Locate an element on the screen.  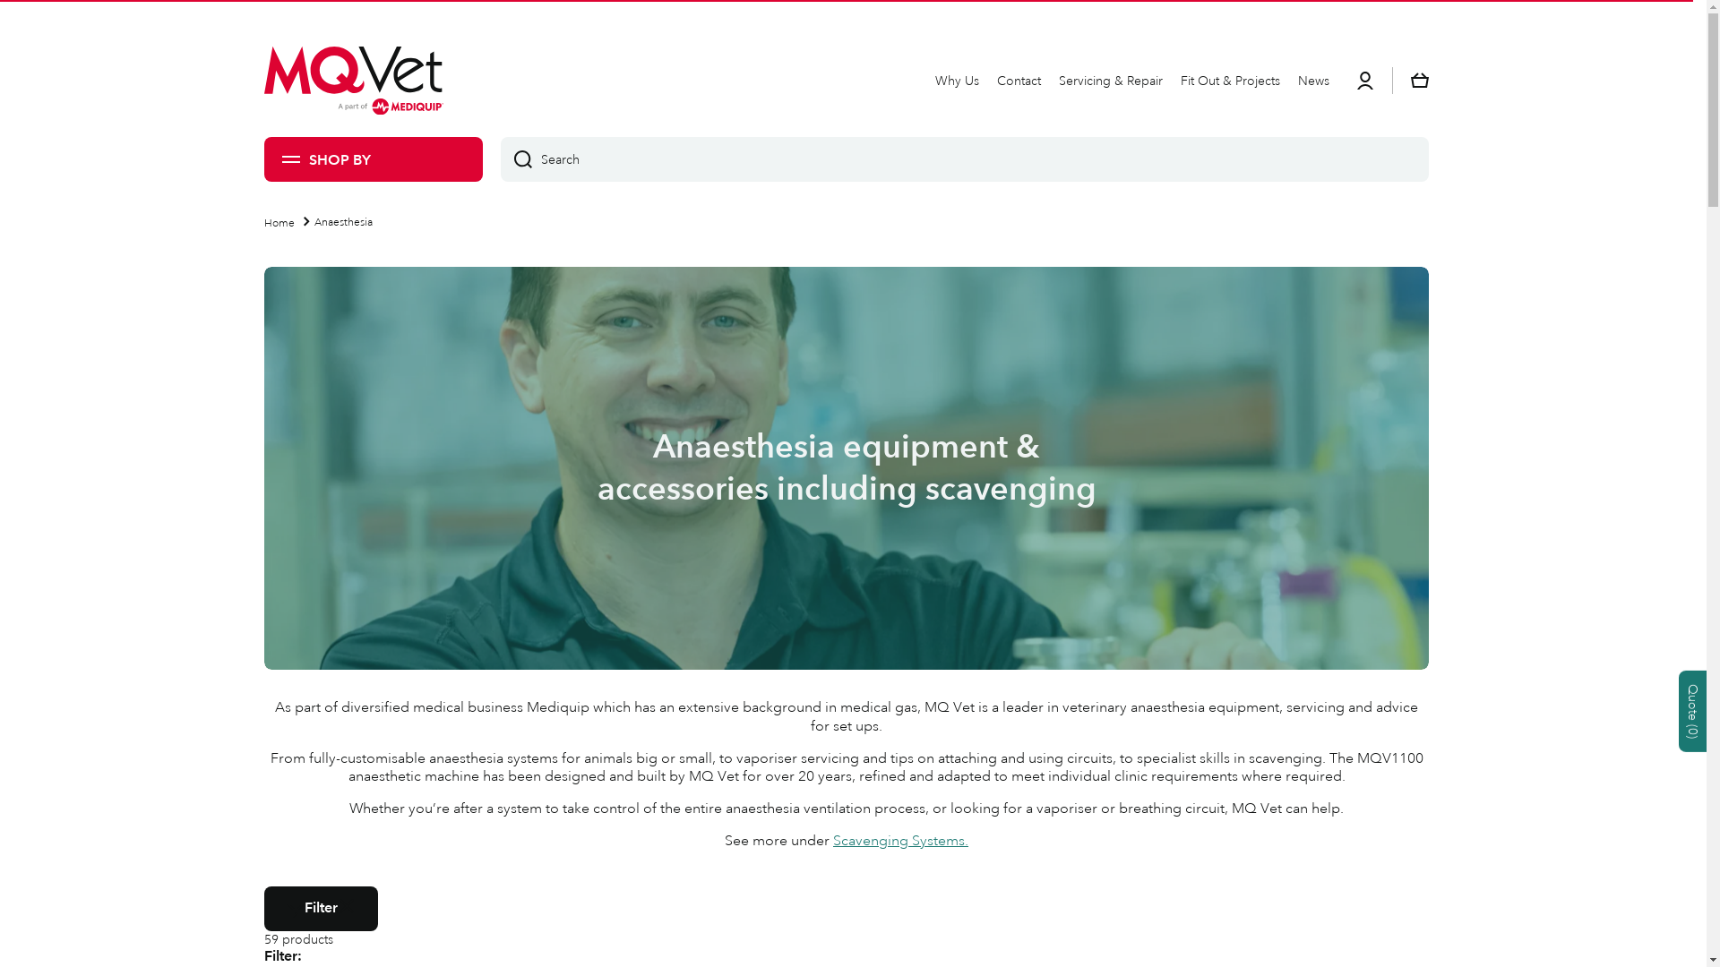
'Log in' is located at coordinates (1363, 79).